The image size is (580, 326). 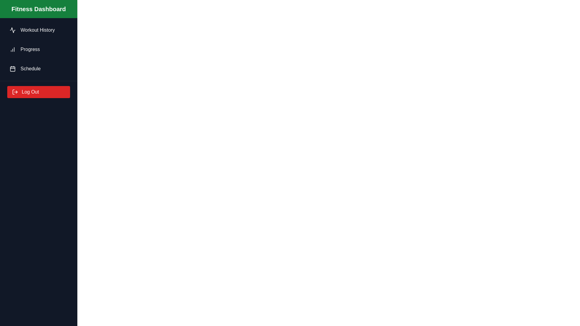 I want to click on the title or header text display located at the top of the left-hand navigation panel, which indicates the purpose of the dashboard, so click(x=38, y=9).